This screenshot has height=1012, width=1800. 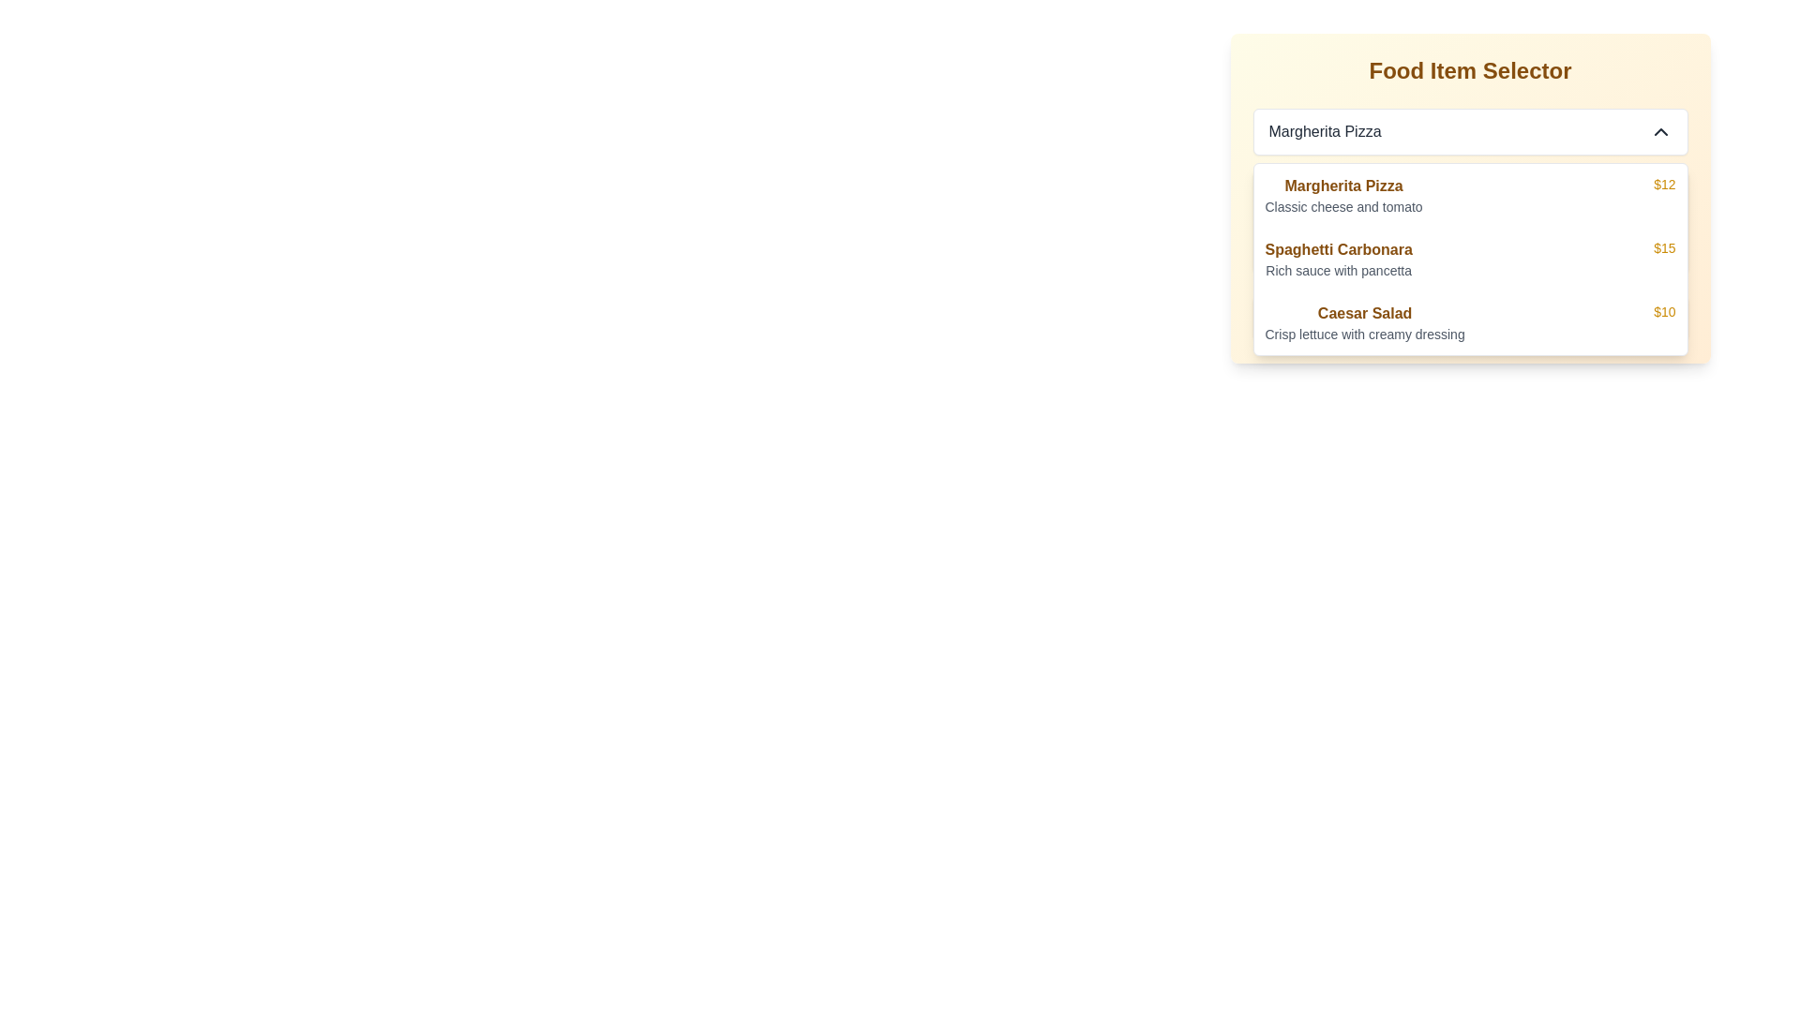 What do you see at coordinates (1469, 70) in the screenshot?
I see `the text label 'Food Item Selector' to check for any tooltip appearance` at bounding box center [1469, 70].